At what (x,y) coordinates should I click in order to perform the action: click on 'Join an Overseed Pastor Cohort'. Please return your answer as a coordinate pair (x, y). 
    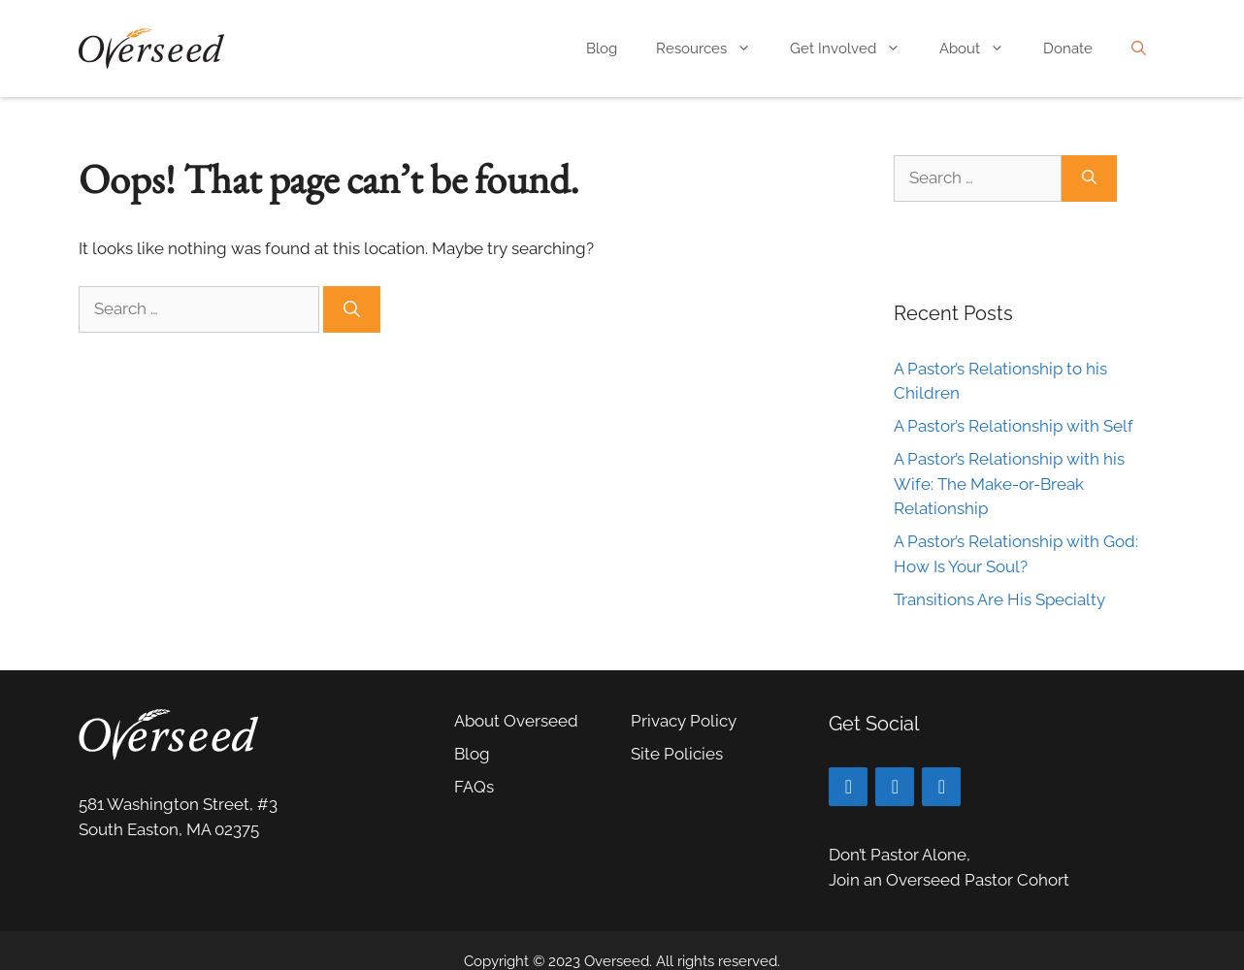
    Looking at the image, I should click on (948, 879).